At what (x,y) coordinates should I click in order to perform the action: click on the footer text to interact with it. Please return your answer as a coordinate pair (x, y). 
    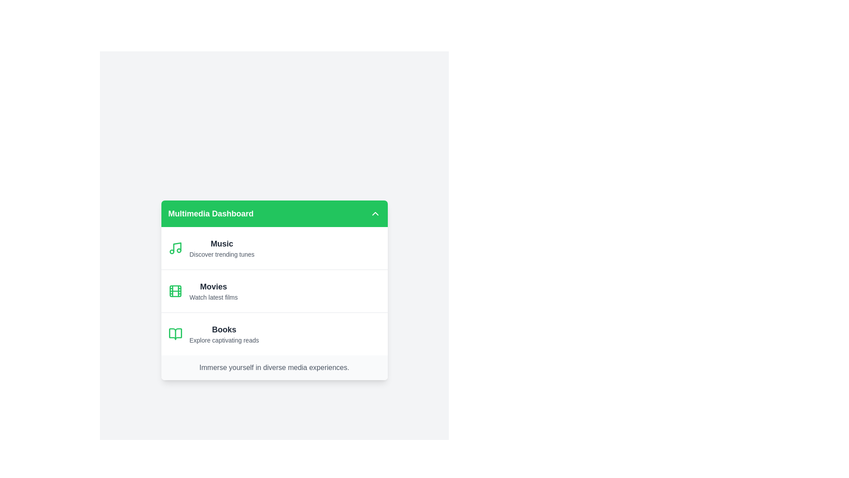
    Looking at the image, I should click on (274, 367).